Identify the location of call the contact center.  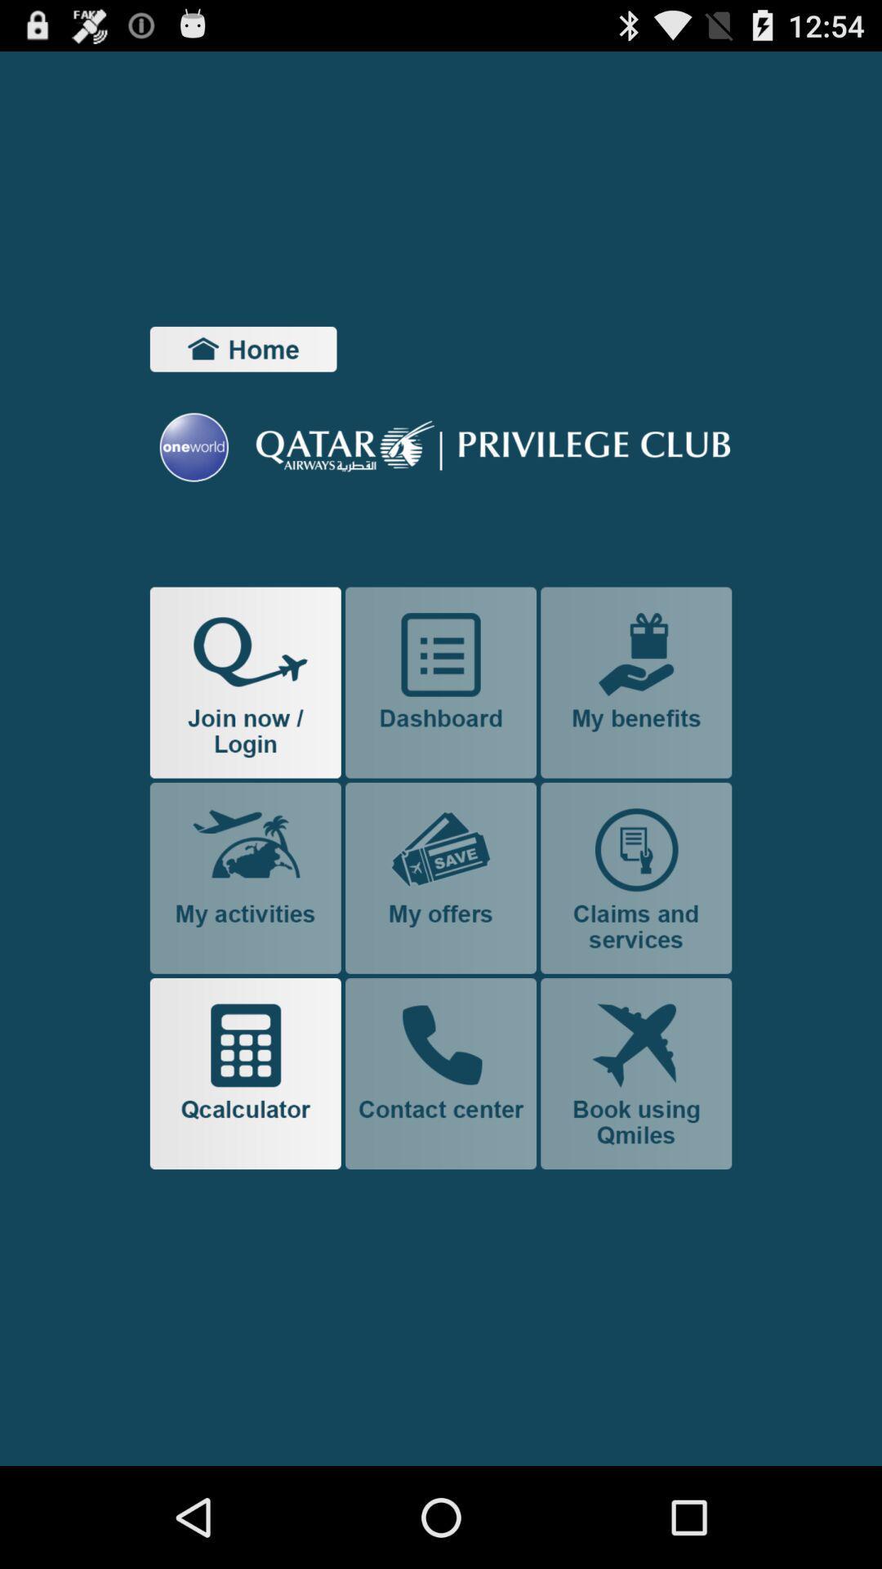
(441, 1074).